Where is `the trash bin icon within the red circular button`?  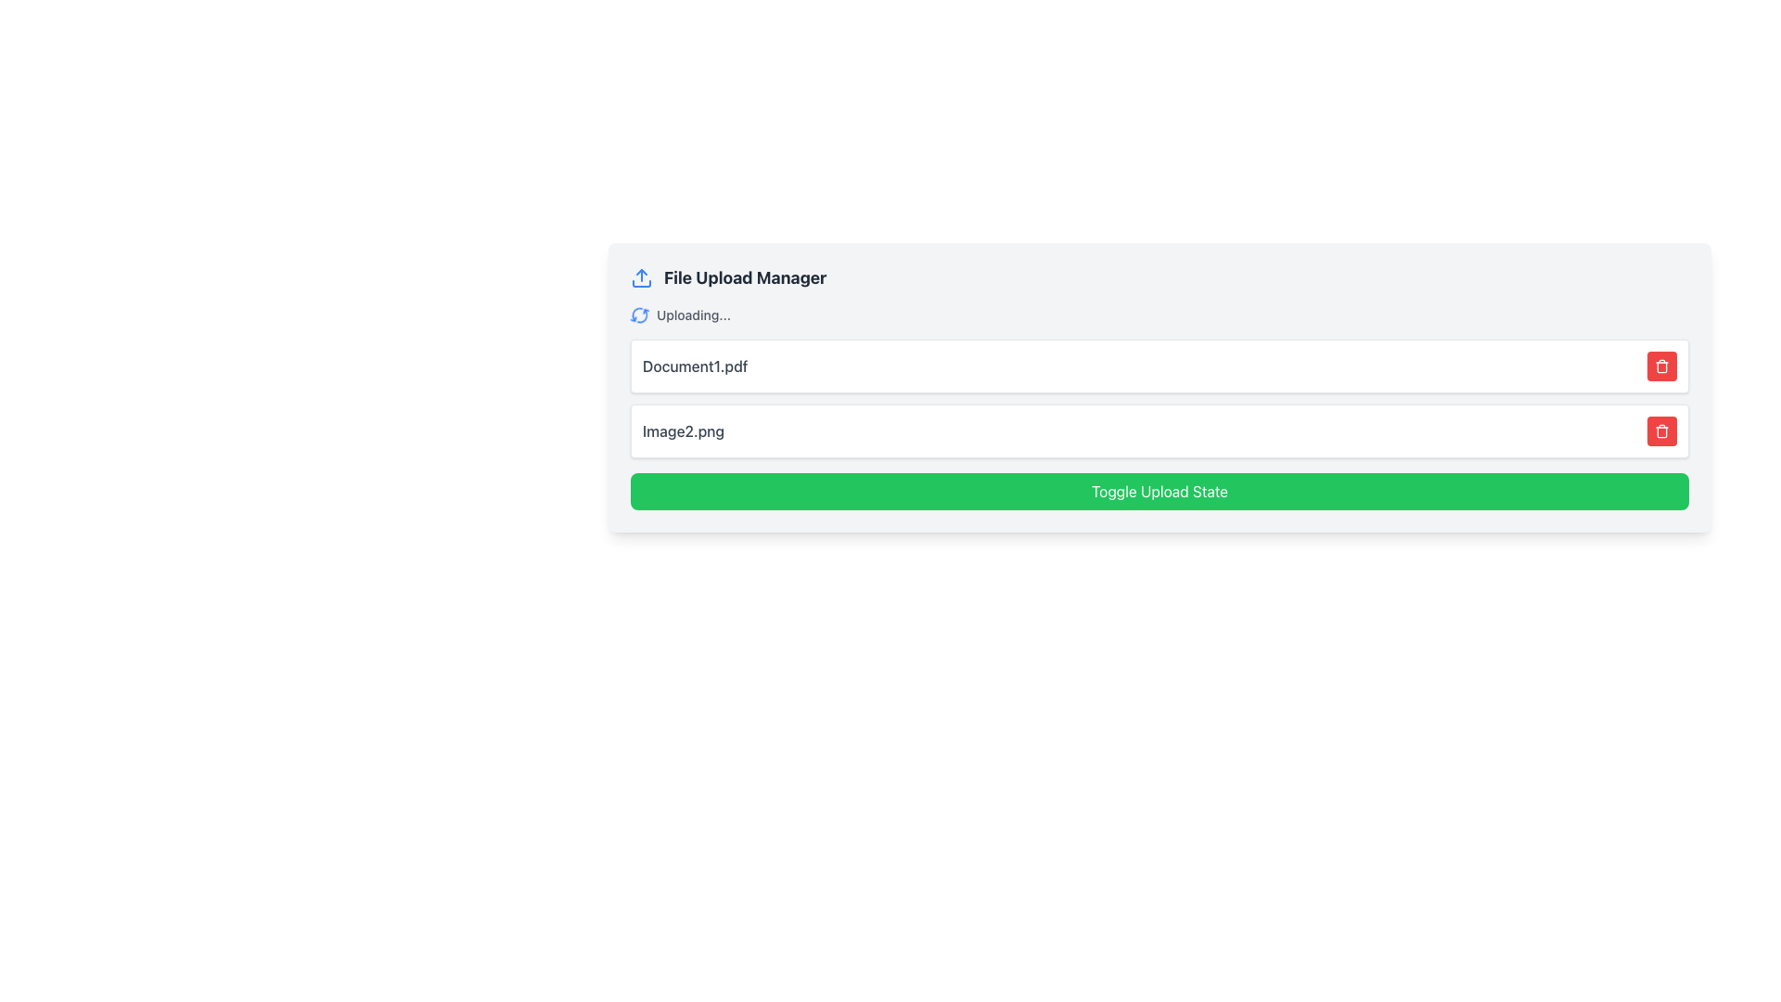 the trash bin icon within the red circular button is located at coordinates (1661, 431).